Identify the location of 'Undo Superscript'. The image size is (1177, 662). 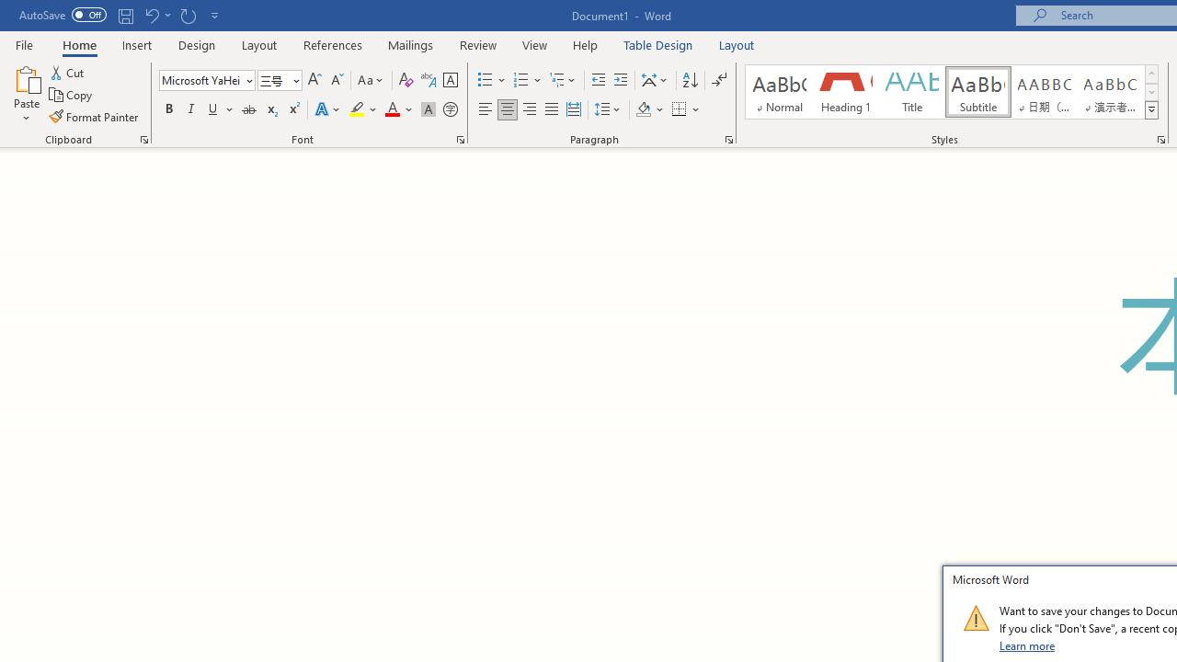
(151, 15).